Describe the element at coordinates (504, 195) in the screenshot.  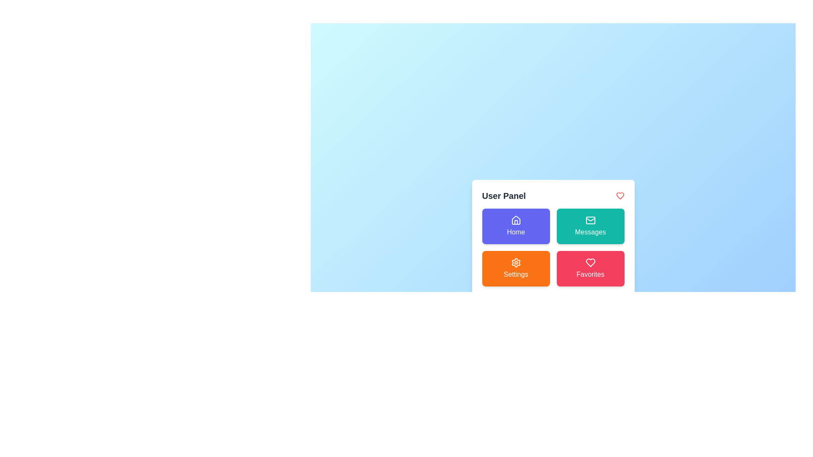
I see `the Text Label that serves as a title or header for the UI section, located in the upper-left corner above the buttons and to the left of a heart-shaped icon` at that location.